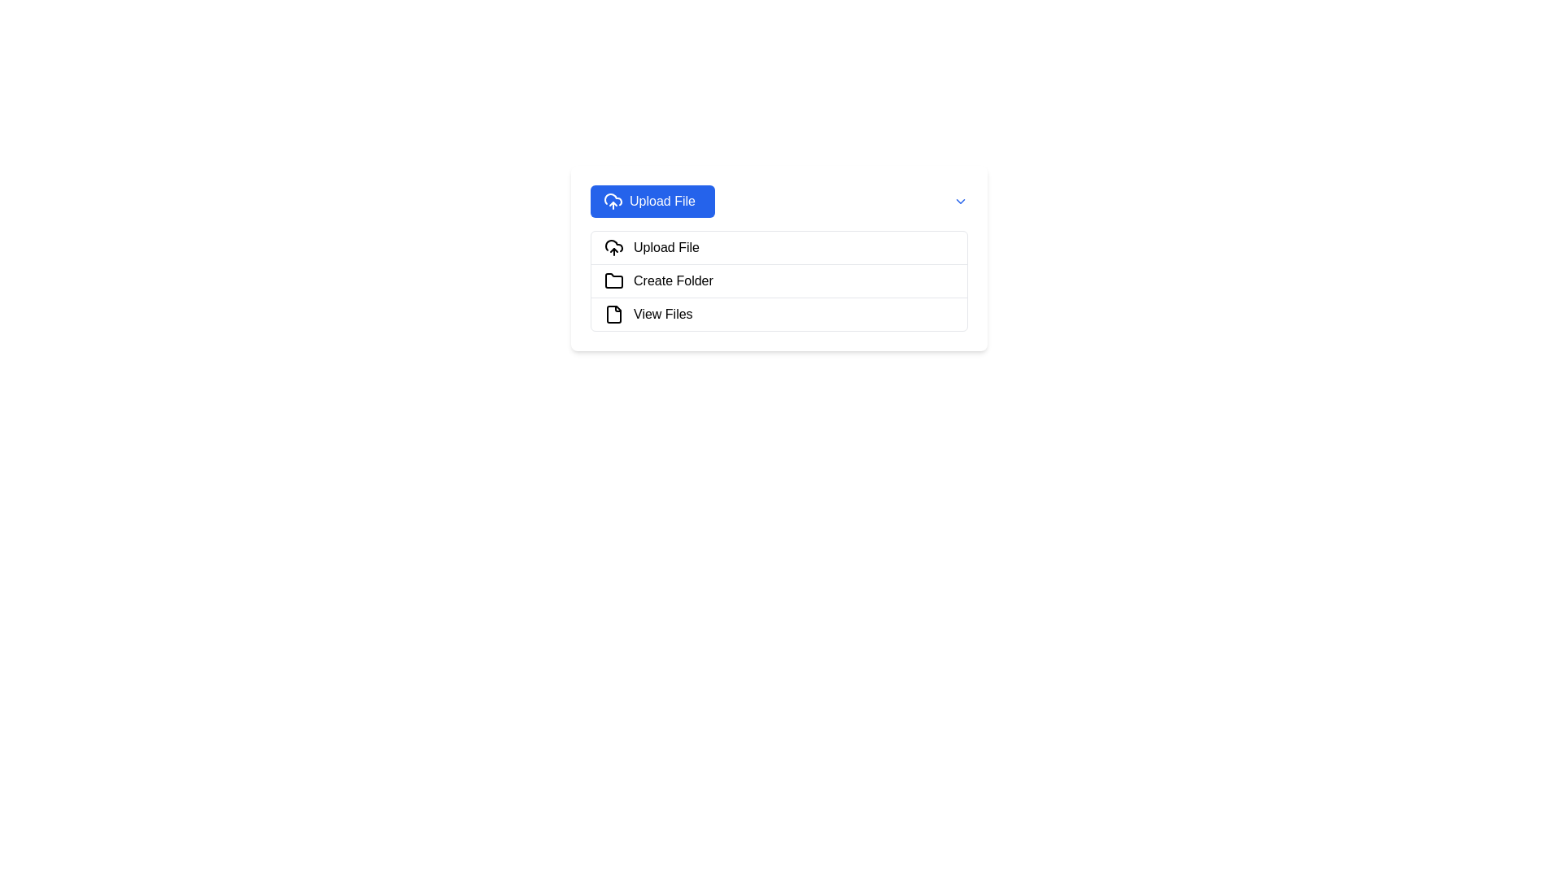 The image size is (1562, 878). Describe the element at coordinates (612, 198) in the screenshot. I see `the lower curve of the cloud icon that represents the upload feature, located centrally beneath the upload arrow` at that location.